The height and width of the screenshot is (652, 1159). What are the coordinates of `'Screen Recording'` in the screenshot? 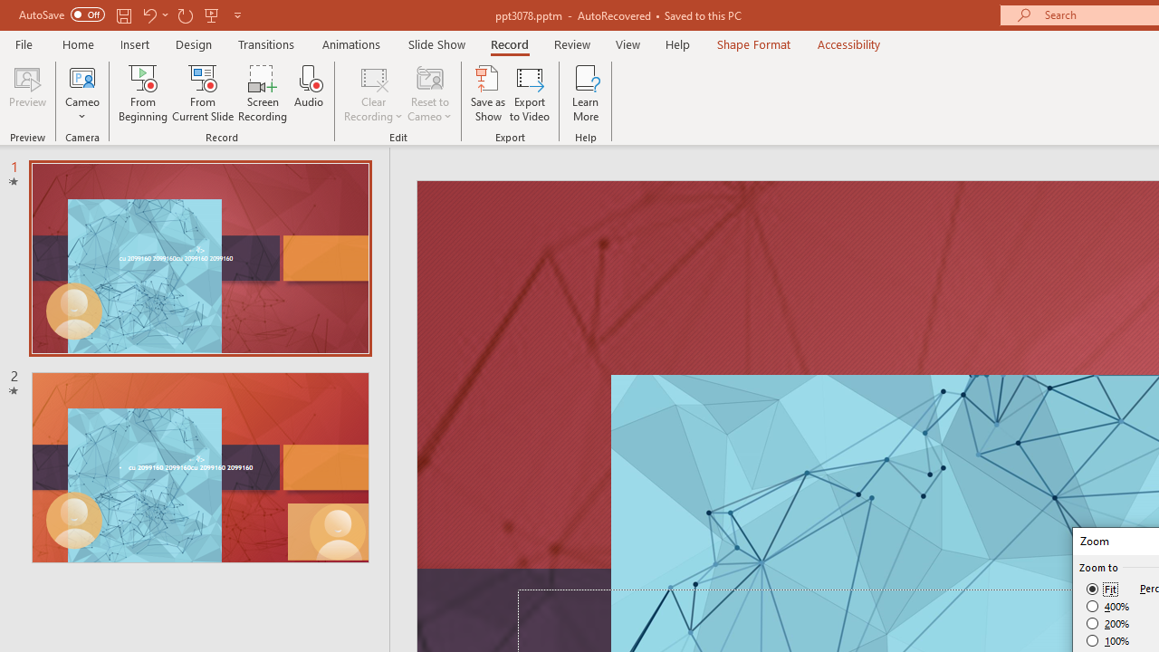 It's located at (262, 93).